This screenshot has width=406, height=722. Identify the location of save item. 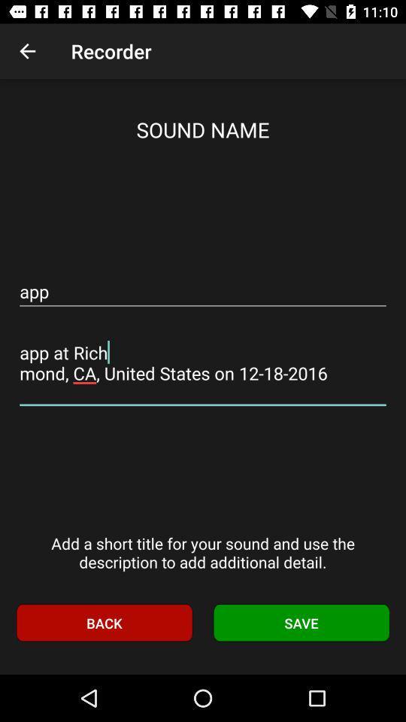
(301, 623).